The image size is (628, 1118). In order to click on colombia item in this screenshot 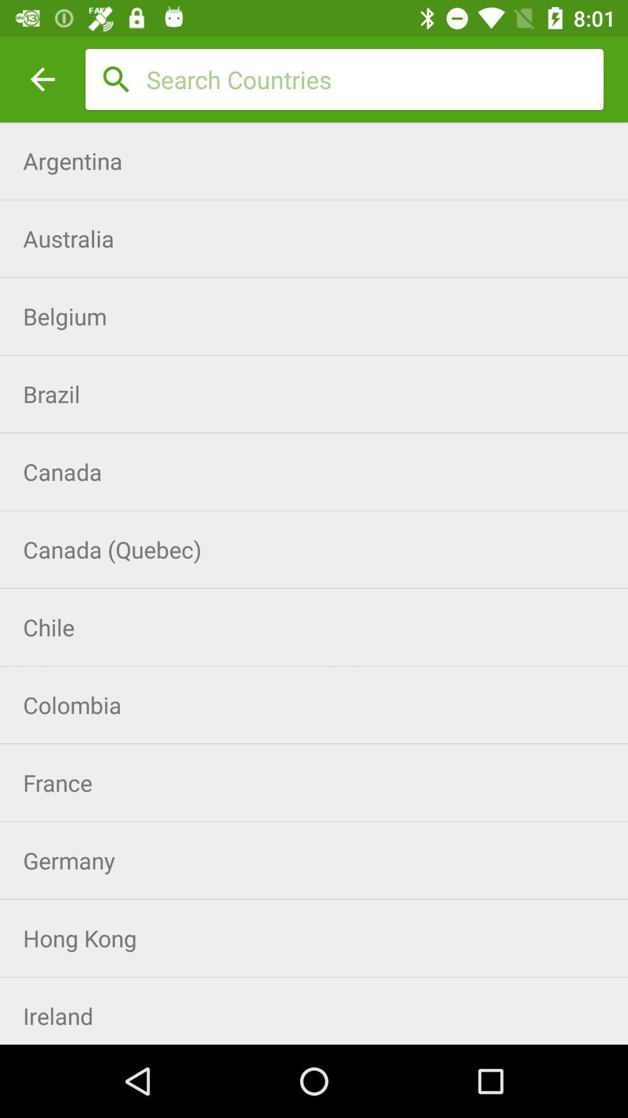, I will do `click(314, 704)`.